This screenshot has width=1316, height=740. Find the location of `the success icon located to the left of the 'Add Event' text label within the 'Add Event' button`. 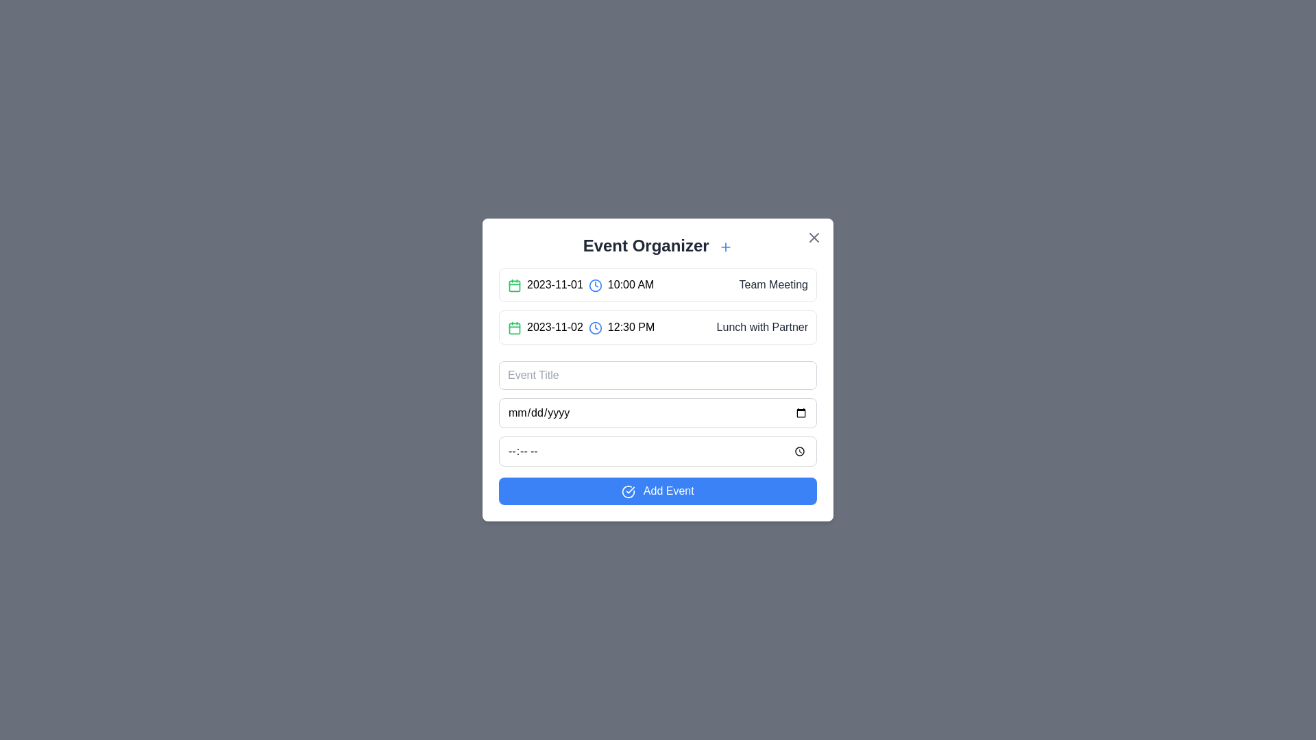

the success icon located to the left of the 'Add Event' text label within the 'Add Event' button is located at coordinates (628, 491).